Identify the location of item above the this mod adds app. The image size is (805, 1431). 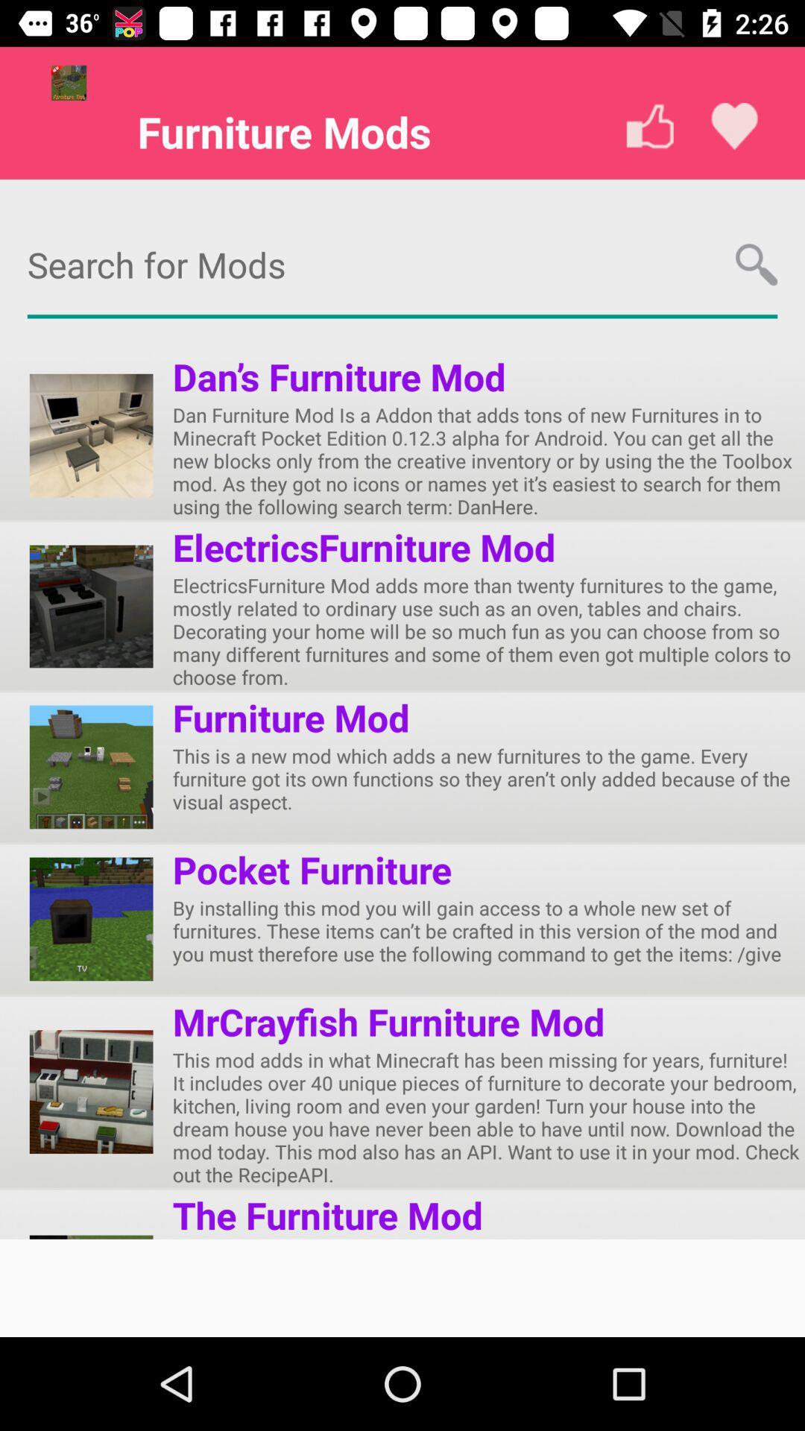
(388, 1021).